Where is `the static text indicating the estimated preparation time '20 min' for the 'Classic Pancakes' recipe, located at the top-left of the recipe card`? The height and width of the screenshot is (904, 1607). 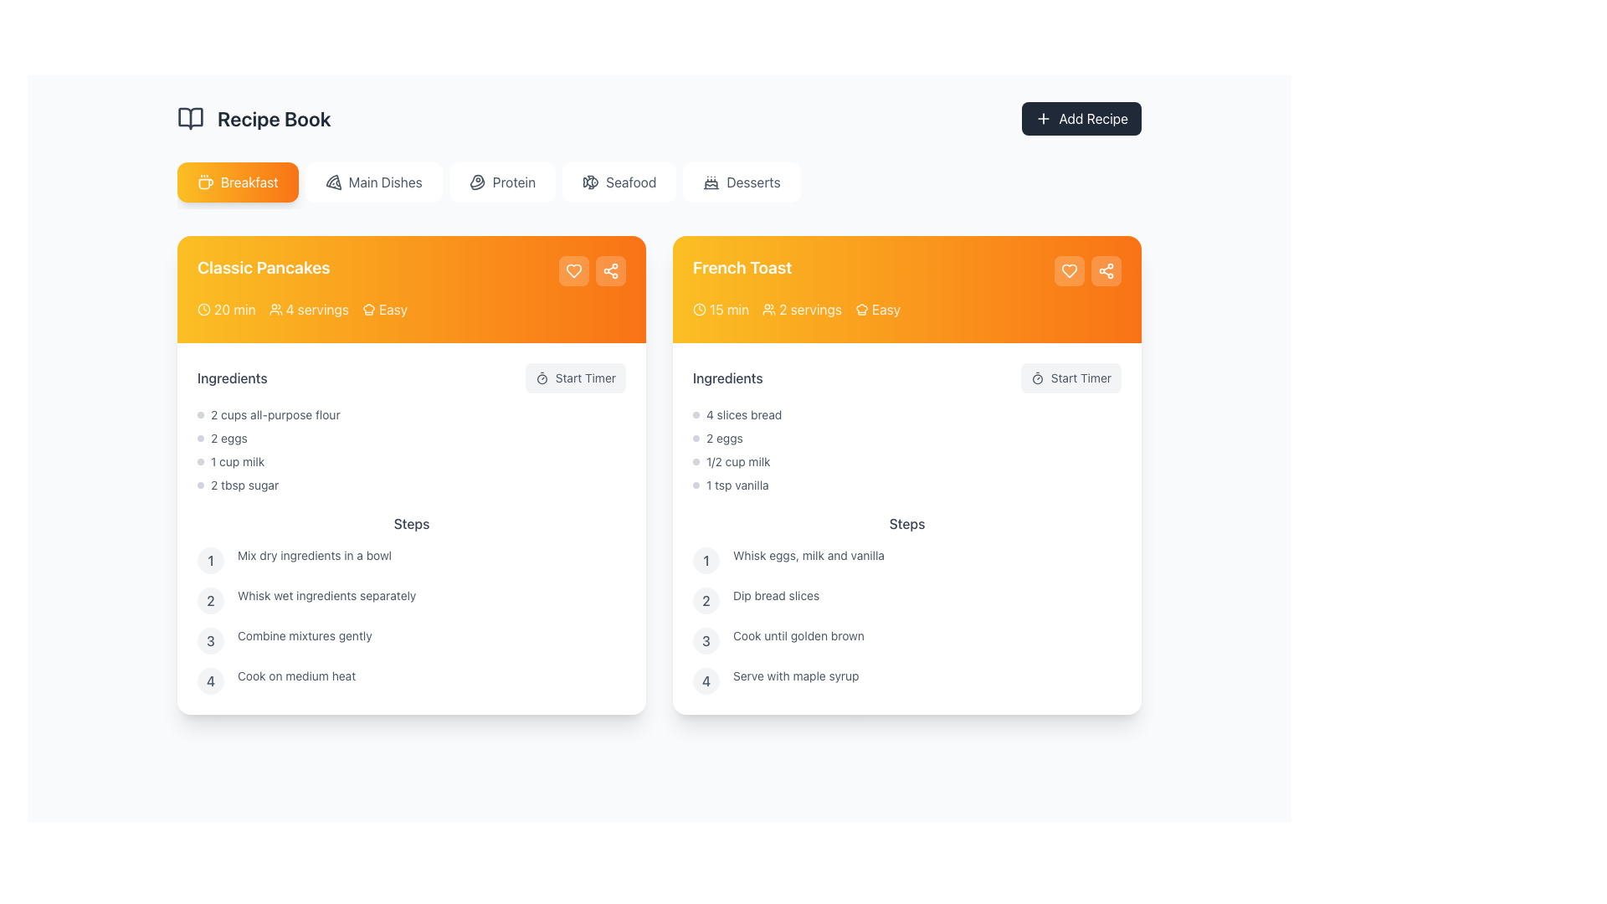
the static text indicating the estimated preparation time '20 min' for the 'Classic Pancakes' recipe, located at the top-left of the recipe card is located at coordinates (234, 310).